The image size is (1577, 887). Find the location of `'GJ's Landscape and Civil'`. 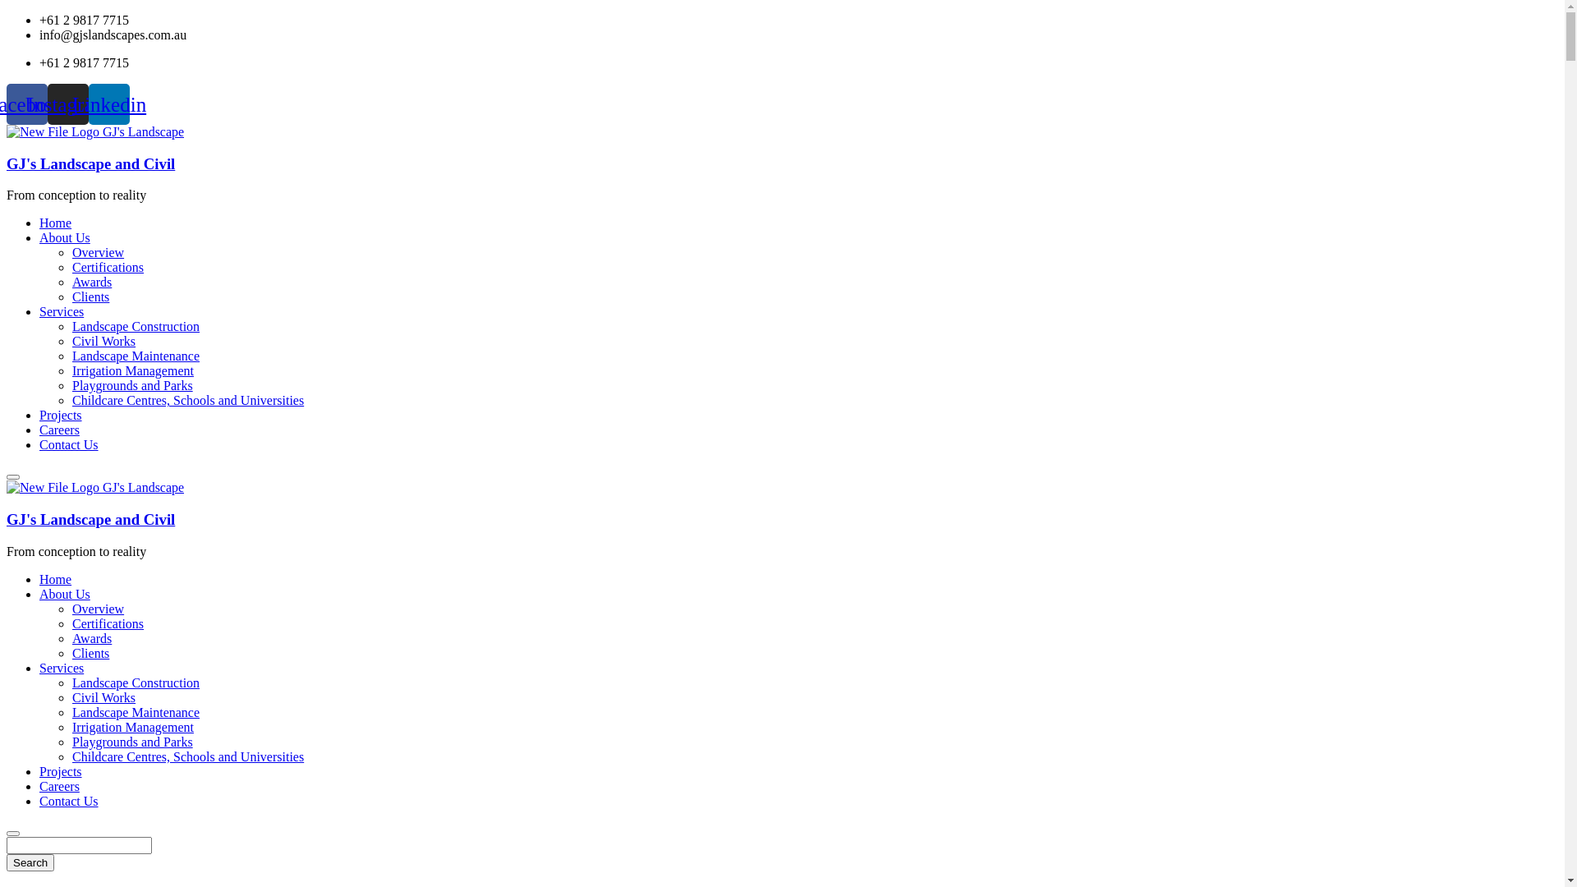

'GJ's Landscape and Civil' is located at coordinates (94, 486).